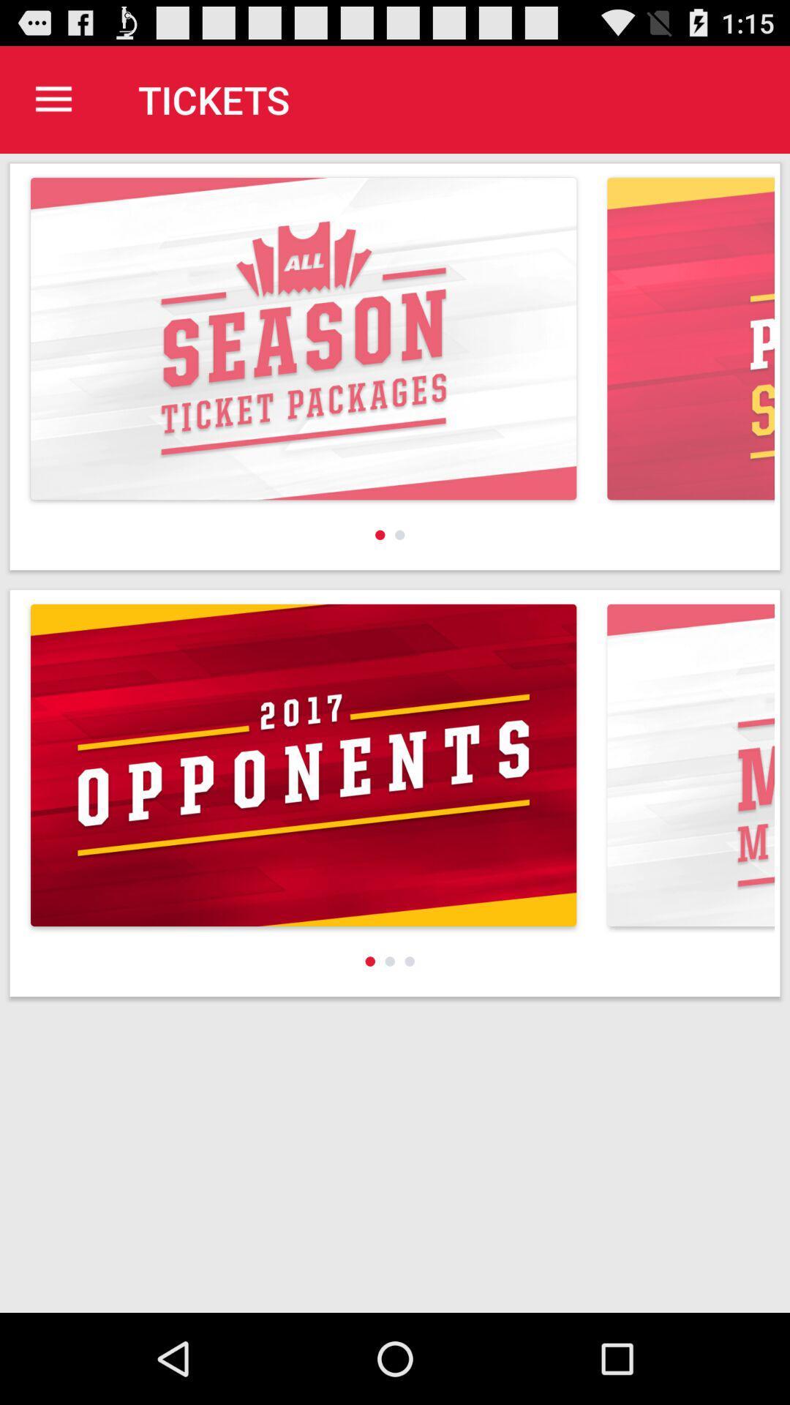  I want to click on item next to the tickets icon, so click(53, 99).